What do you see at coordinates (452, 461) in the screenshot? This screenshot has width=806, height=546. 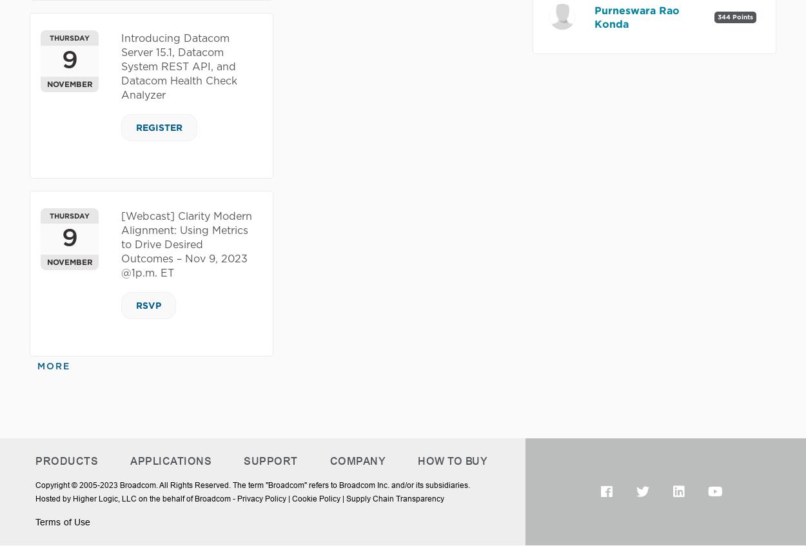 I see `'How To Buy'` at bounding box center [452, 461].